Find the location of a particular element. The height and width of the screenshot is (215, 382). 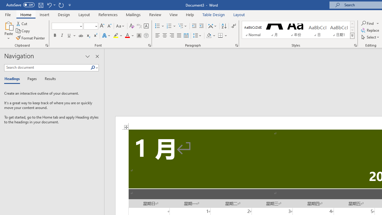

'Sort...' is located at coordinates (224, 26).